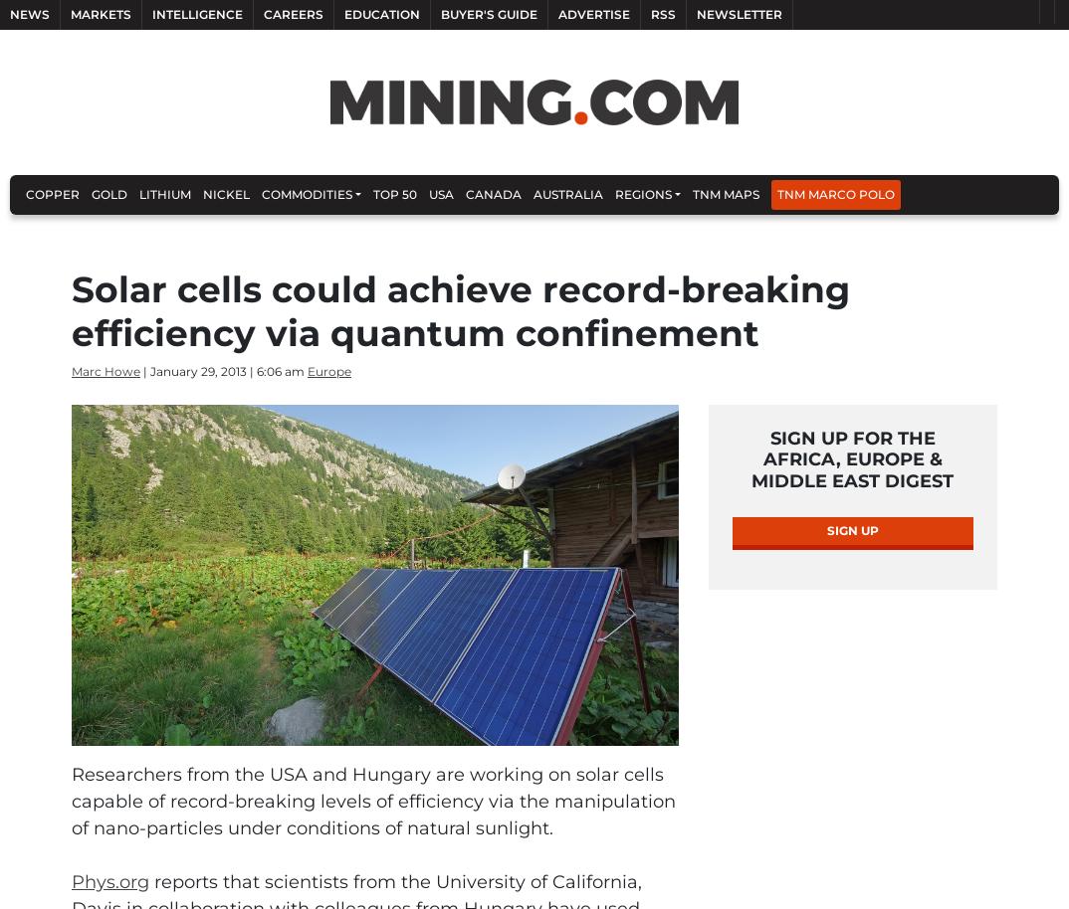 This screenshot has width=1069, height=909. Describe the element at coordinates (71, 799) in the screenshot. I see `'Researchers from the USA and Hungary are working on solar cells capable of record-breaking levels of efficiency via the manipulation of nano-particles under conditions of natural sunlight.'` at that location.